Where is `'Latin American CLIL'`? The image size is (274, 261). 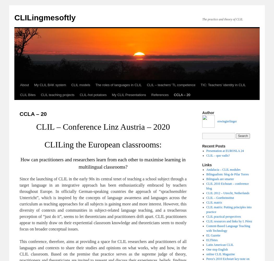 'Latin American CLIL' is located at coordinates (220, 245).